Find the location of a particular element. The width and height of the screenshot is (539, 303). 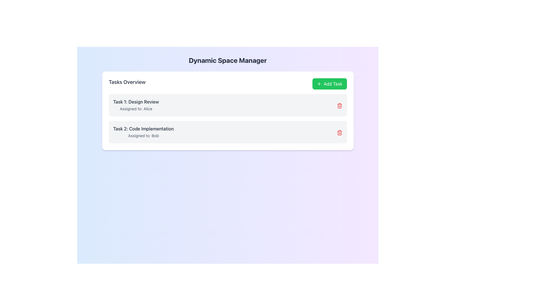

title 'Dynamic Space Manager' displayed in bold at the upper section of the interface, which is centrally aligned above the task overview section is located at coordinates (228, 60).